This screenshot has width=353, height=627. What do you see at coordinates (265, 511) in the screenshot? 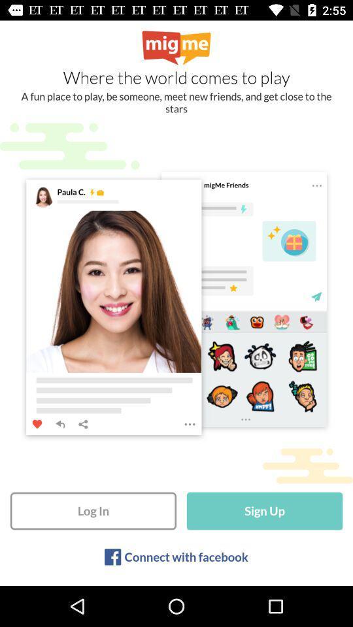
I see `sign up` at bounding box center [265, 511].